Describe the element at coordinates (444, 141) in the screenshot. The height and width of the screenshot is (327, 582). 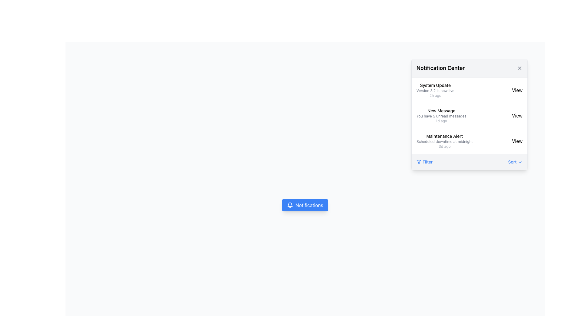
I see `notification details from the 'Maintenance Alert' text element located in the bottom section of the notification list in the 'Notification Center' popup` at that location.